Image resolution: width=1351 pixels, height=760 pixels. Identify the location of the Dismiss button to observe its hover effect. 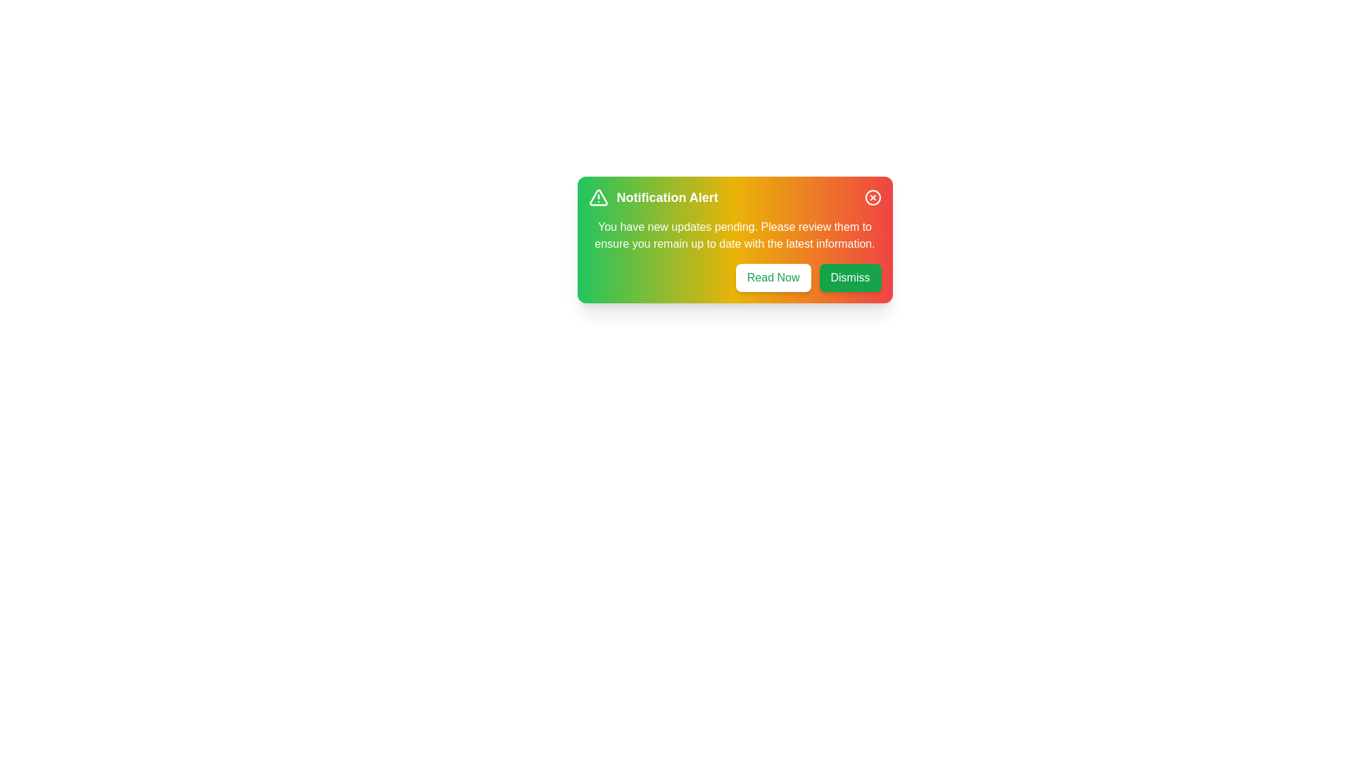
(849, 277).